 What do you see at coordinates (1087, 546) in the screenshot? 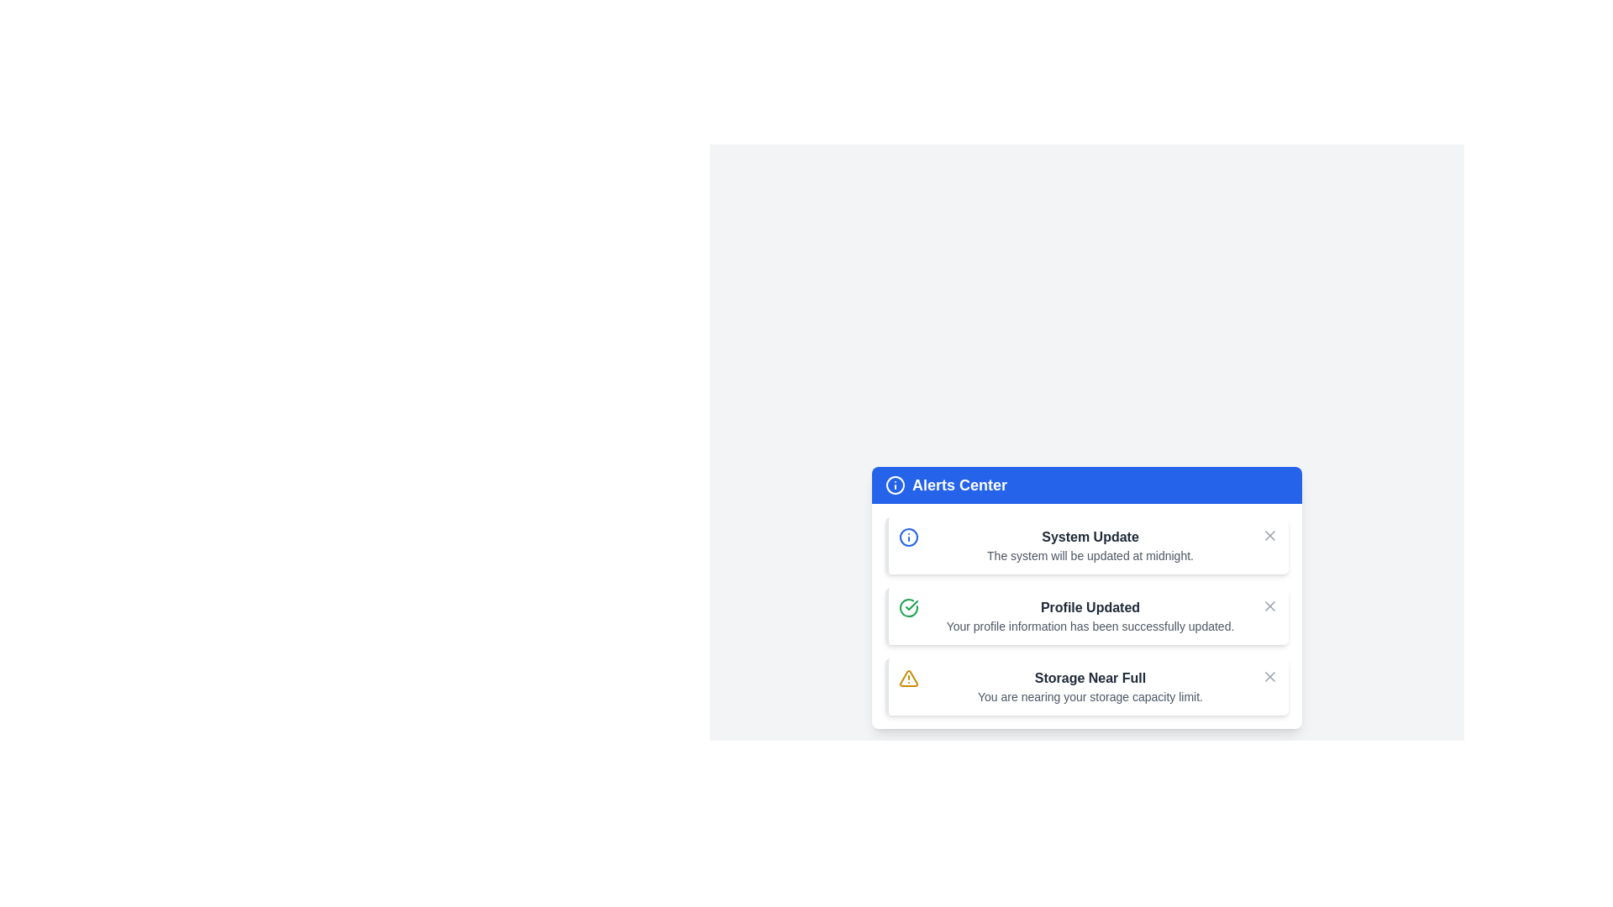
I see `the Notification Banner displaying 'System Update' with the description 'The system will be updated at midnight.'` at bounding box center [1087, 546].